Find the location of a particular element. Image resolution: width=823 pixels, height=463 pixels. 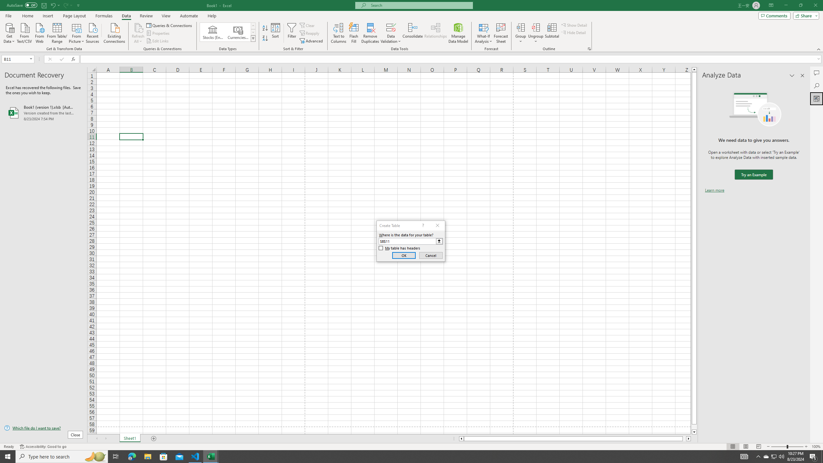

'View' is located at coordinates (165, 16).